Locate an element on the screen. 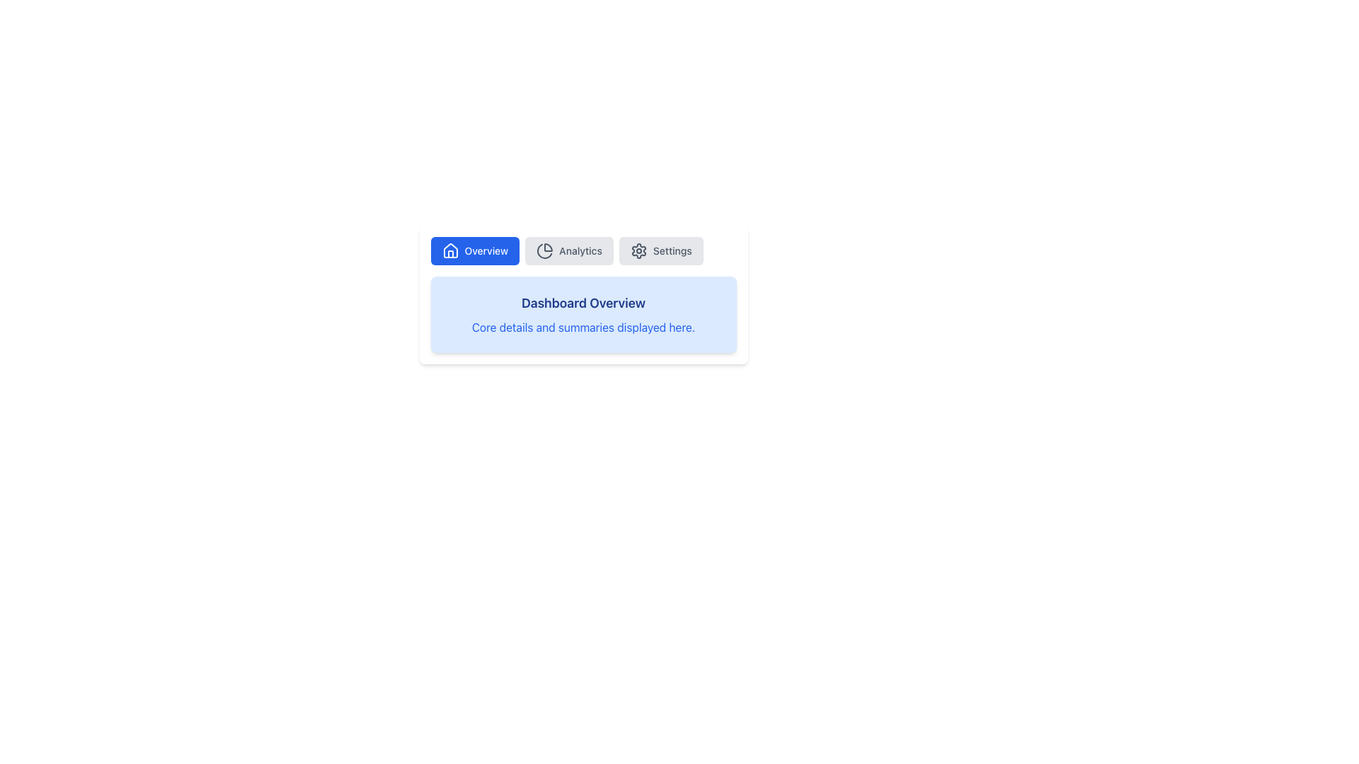  the 'Settings' text label, which is styled with a medium font weight and displayed in gray color, located within the button on the rightmost side of the top row of navigation buttons is located at coordinates (672, 250).